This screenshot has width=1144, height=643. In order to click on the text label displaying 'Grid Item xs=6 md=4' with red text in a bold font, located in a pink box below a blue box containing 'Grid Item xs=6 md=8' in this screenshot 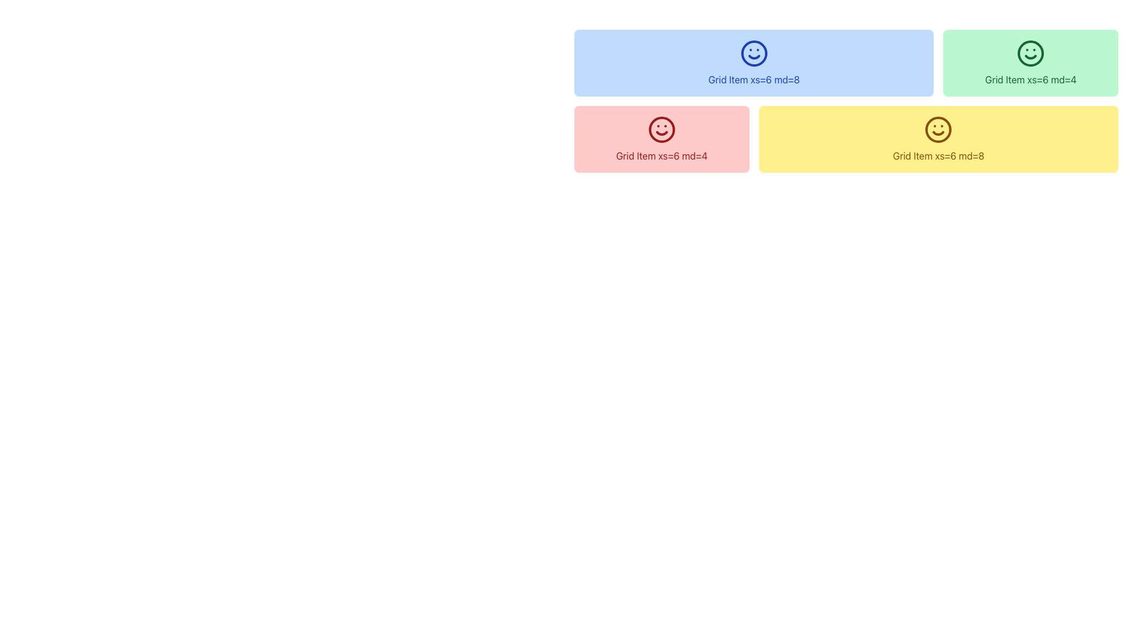, I will do `click(661, 155)`.